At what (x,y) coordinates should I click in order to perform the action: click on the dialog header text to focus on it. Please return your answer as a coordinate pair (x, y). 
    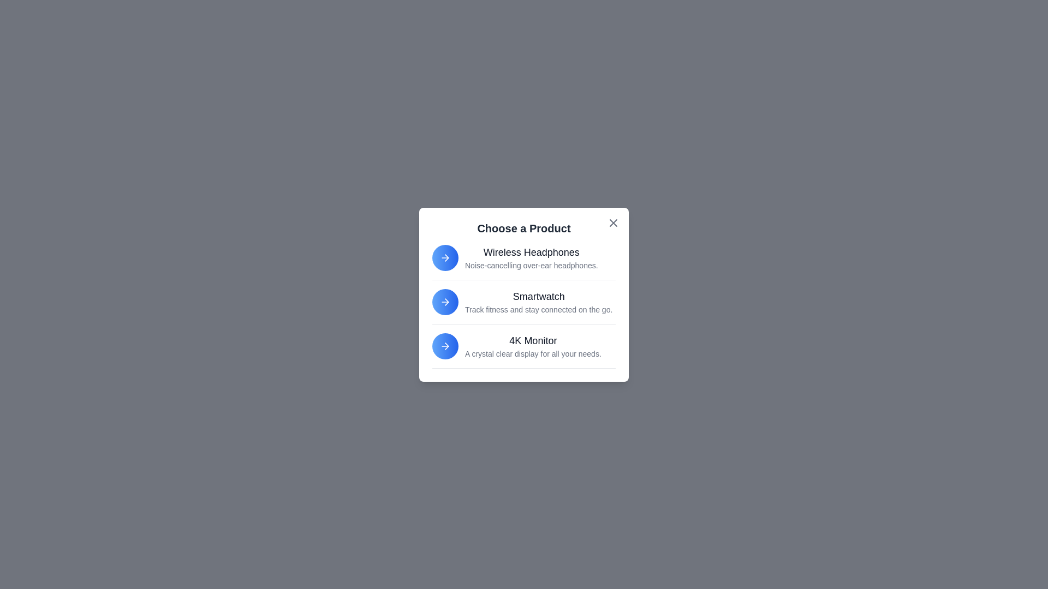
    Looking at the image, I should click on (524, 227).